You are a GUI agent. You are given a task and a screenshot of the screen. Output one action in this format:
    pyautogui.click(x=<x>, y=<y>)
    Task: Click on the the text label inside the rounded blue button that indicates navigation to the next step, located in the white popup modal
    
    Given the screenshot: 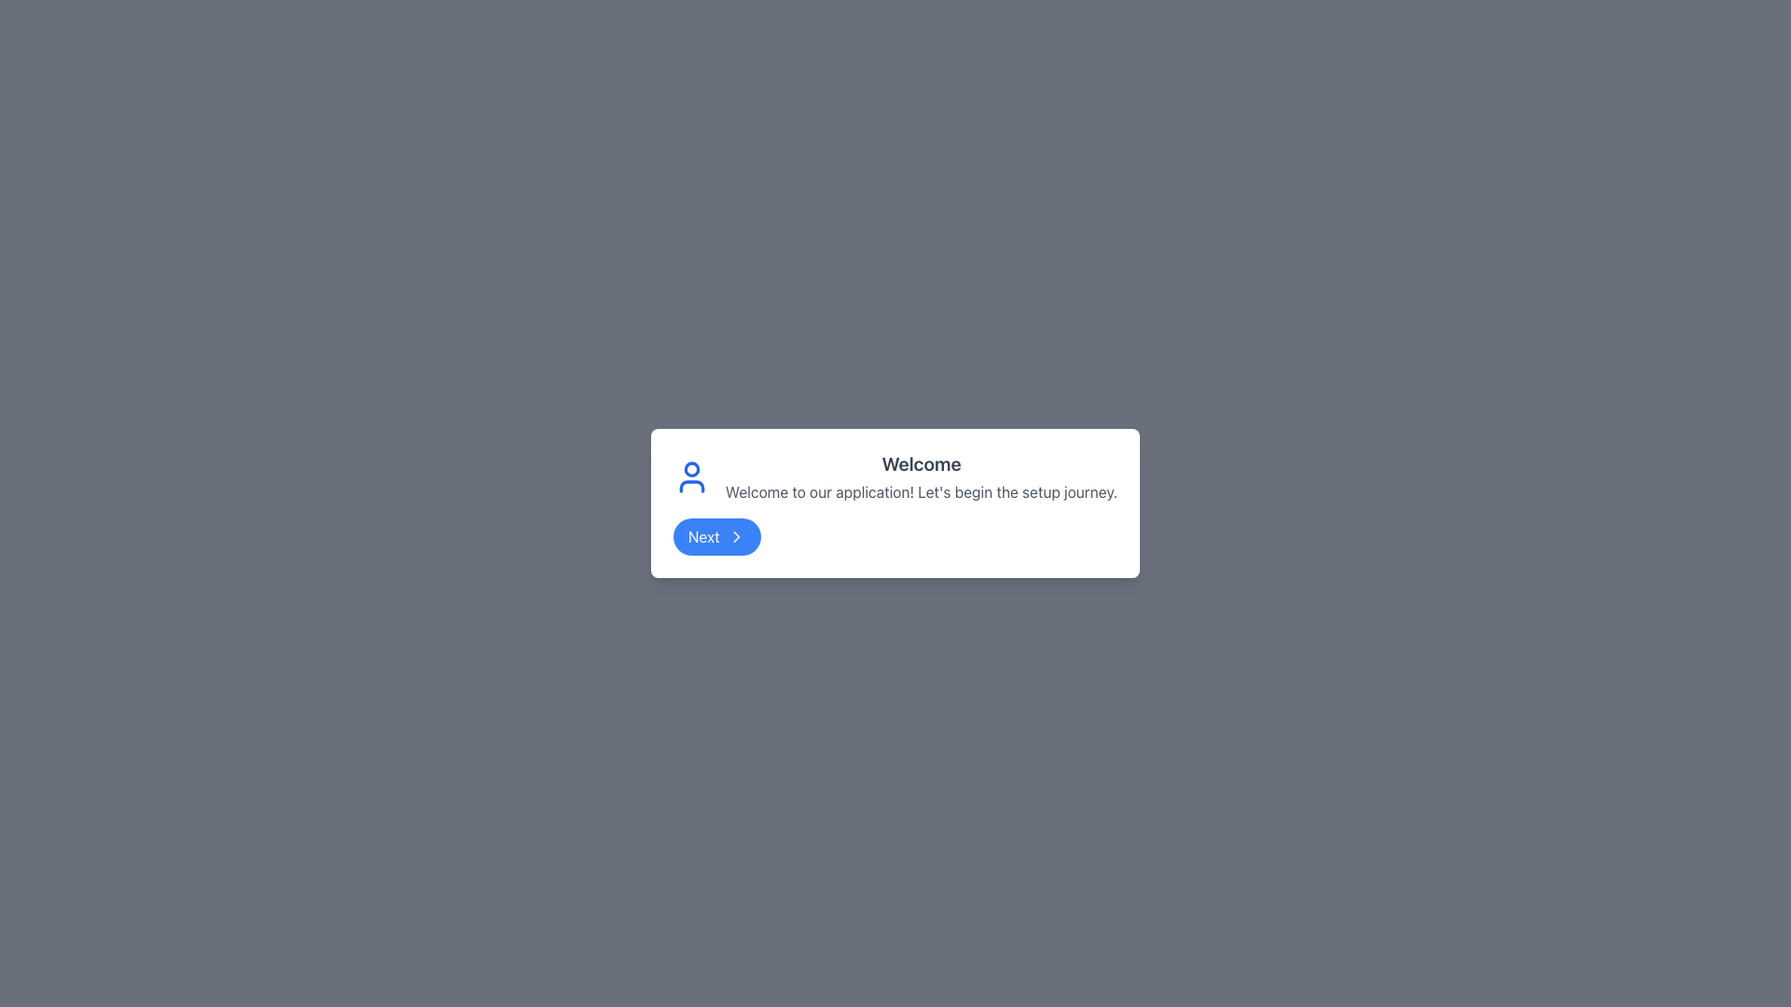 What is the action you would take?
    pyautogui.click(x=702, y=536)
    